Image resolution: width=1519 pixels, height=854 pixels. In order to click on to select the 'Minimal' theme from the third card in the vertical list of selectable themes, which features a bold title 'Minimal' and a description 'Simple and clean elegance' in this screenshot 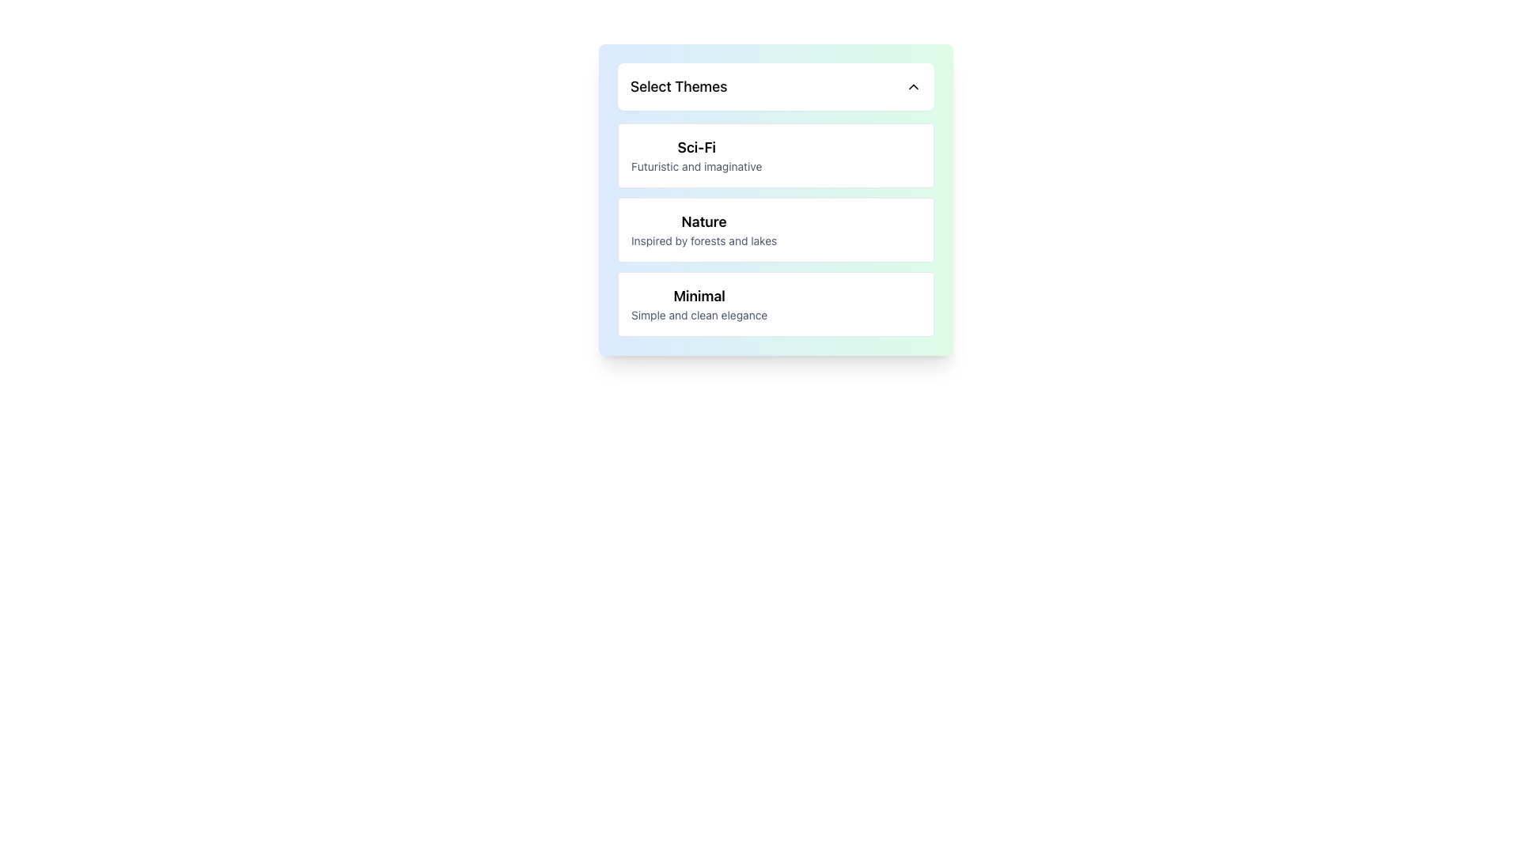, I will do `click(699, 304)`.